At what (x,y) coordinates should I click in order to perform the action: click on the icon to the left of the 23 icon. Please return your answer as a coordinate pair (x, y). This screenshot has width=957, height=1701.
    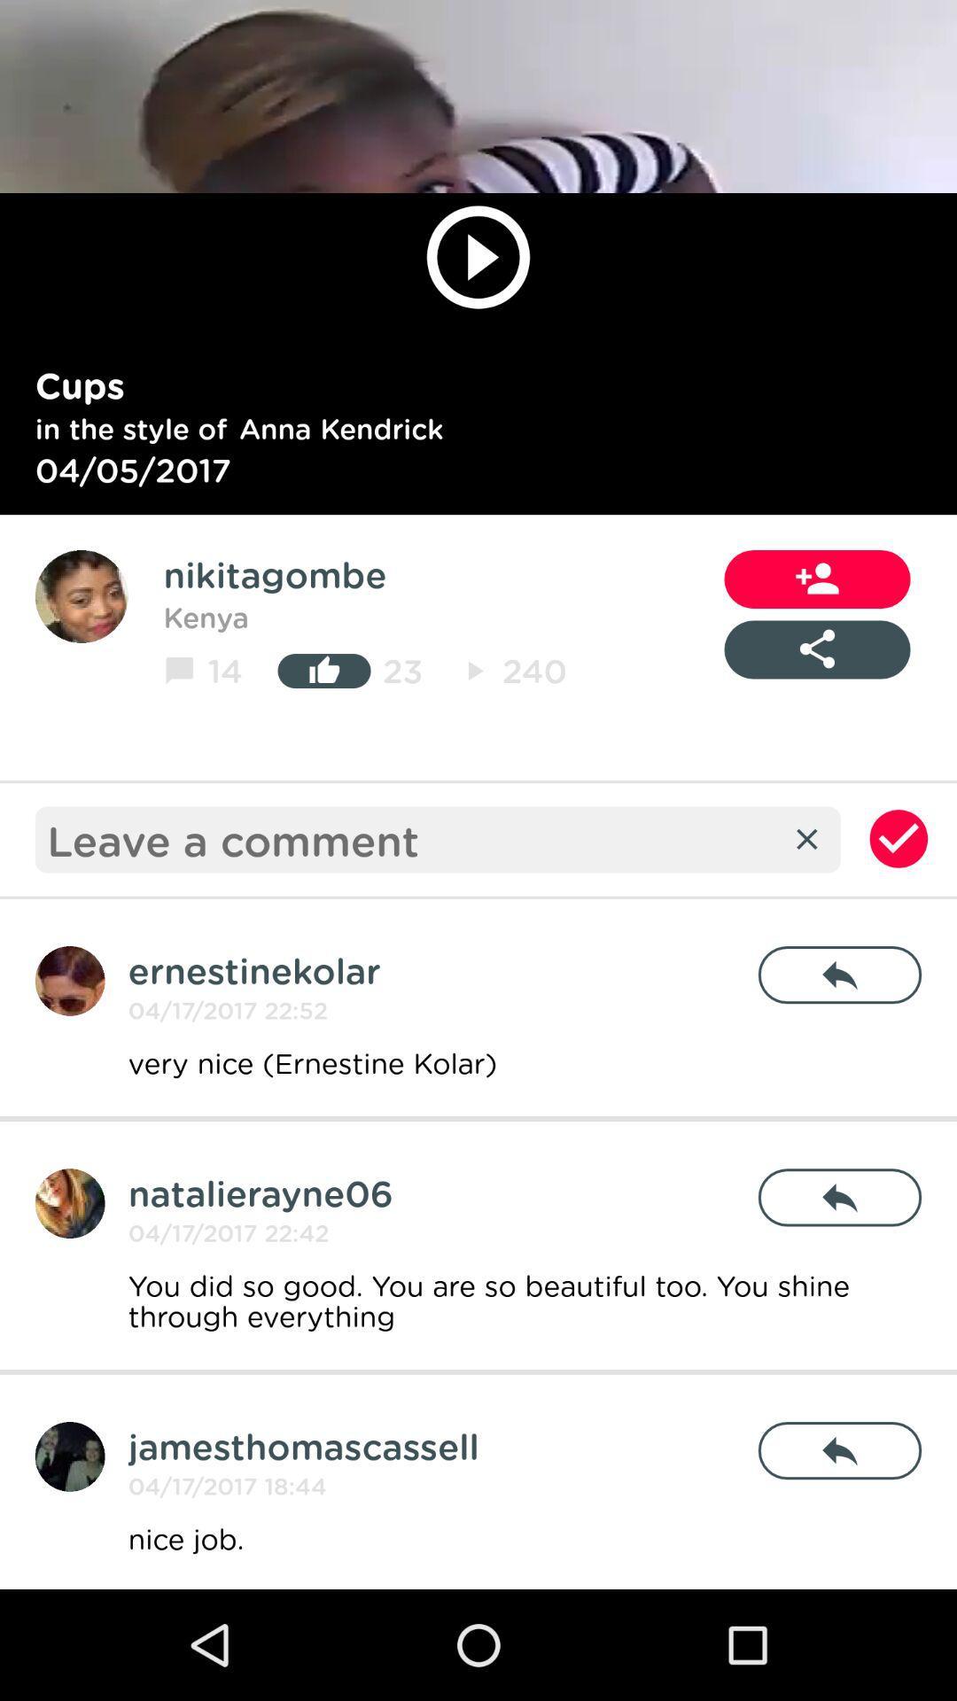
    Looking at the image, I should click on (324, 670).